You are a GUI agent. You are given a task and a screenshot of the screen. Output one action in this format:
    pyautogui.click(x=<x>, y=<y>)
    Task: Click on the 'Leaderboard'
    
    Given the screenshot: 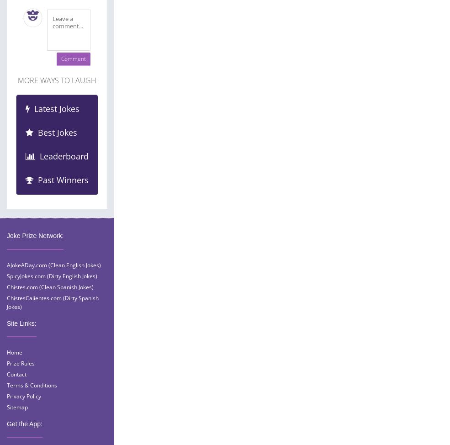 What is the action you would take?
    pyautogui.click(x=62, y=156)
    